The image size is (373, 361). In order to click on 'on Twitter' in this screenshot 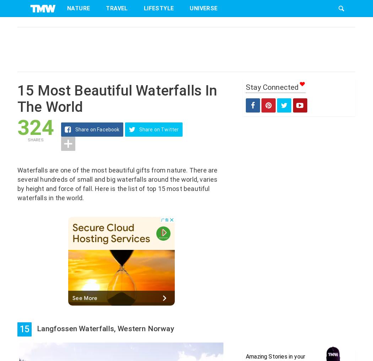, I will do `click(166, 129)`.